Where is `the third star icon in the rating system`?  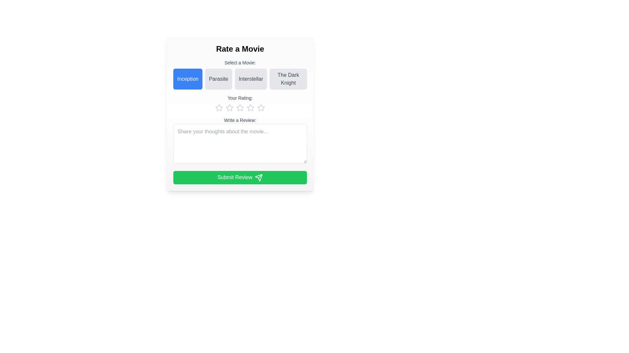
the third star icon in the rating system is located at coordinates (229, 108).